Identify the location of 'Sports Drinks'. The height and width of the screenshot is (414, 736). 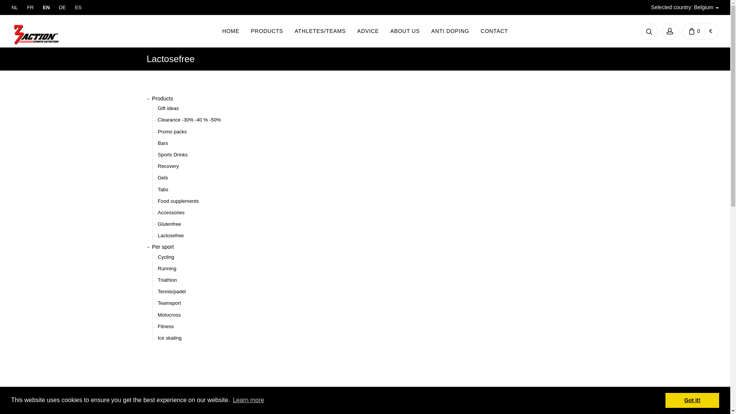
(172, 154).